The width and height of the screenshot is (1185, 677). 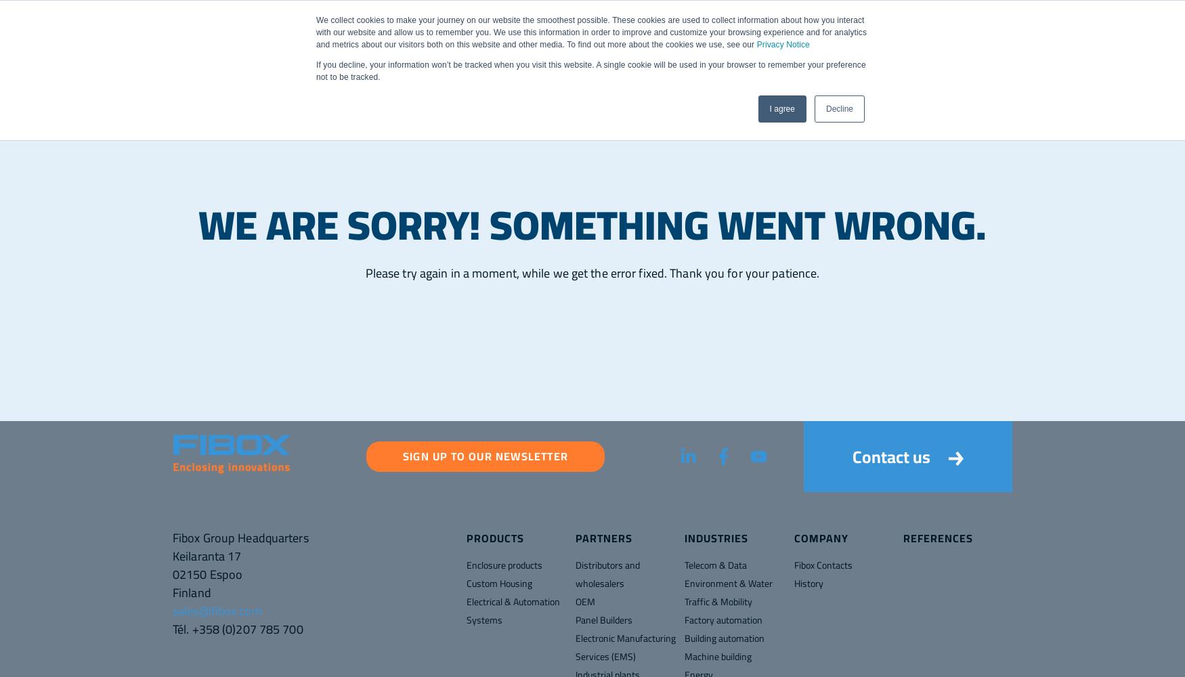 I want to click on 'Panel Builders', so click(x=575, y=620).